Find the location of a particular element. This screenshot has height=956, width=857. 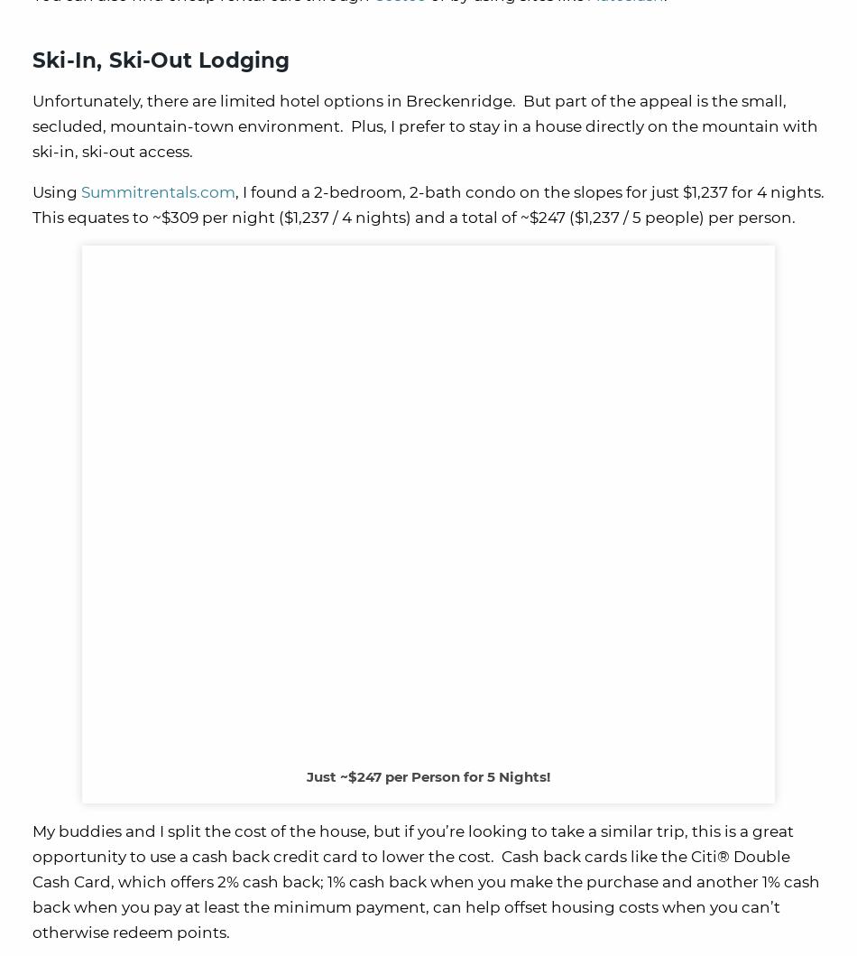

'Ski-In, Ski-Out Lodging' is located at coordinates (161, 59).